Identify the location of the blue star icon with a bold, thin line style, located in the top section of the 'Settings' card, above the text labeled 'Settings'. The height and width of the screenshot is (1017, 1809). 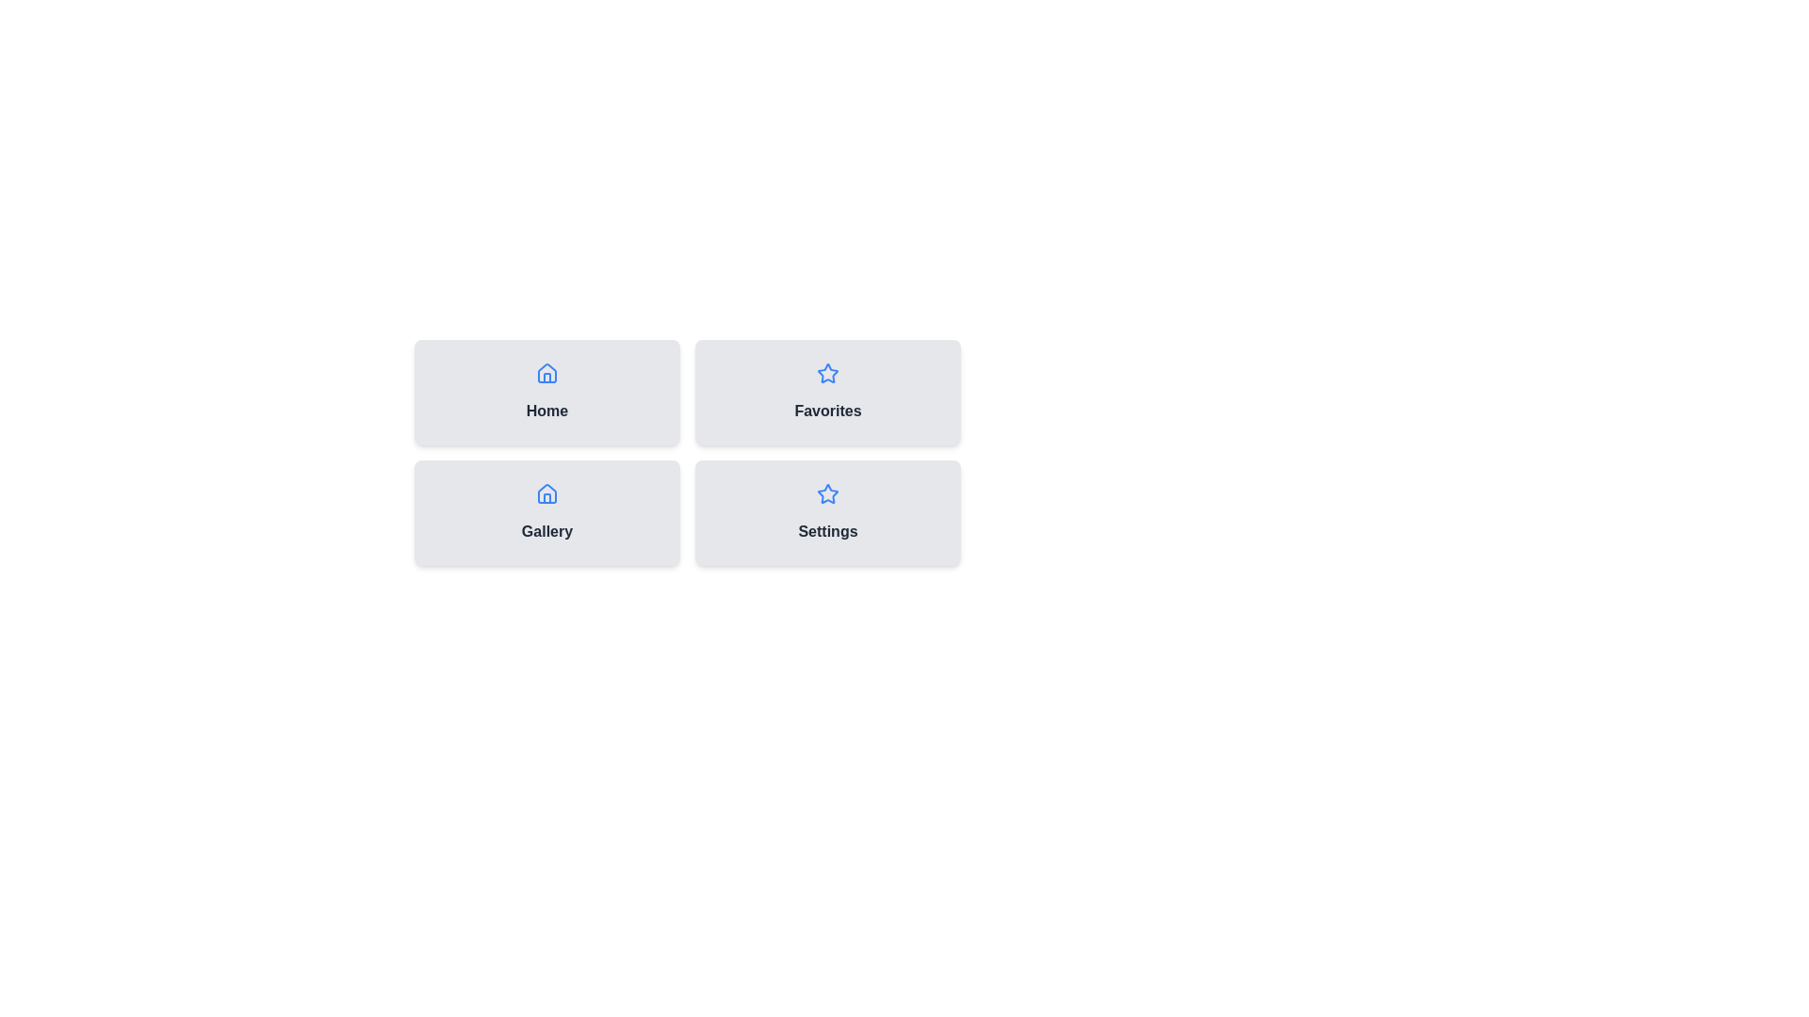
(827, 492).